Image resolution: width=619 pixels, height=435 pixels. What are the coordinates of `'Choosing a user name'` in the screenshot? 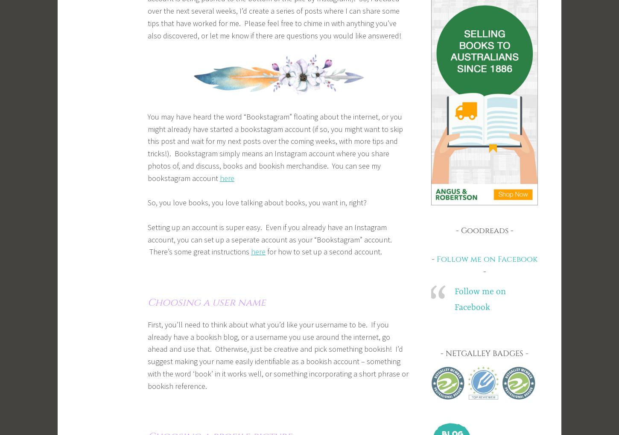 It's located at (207, 302).